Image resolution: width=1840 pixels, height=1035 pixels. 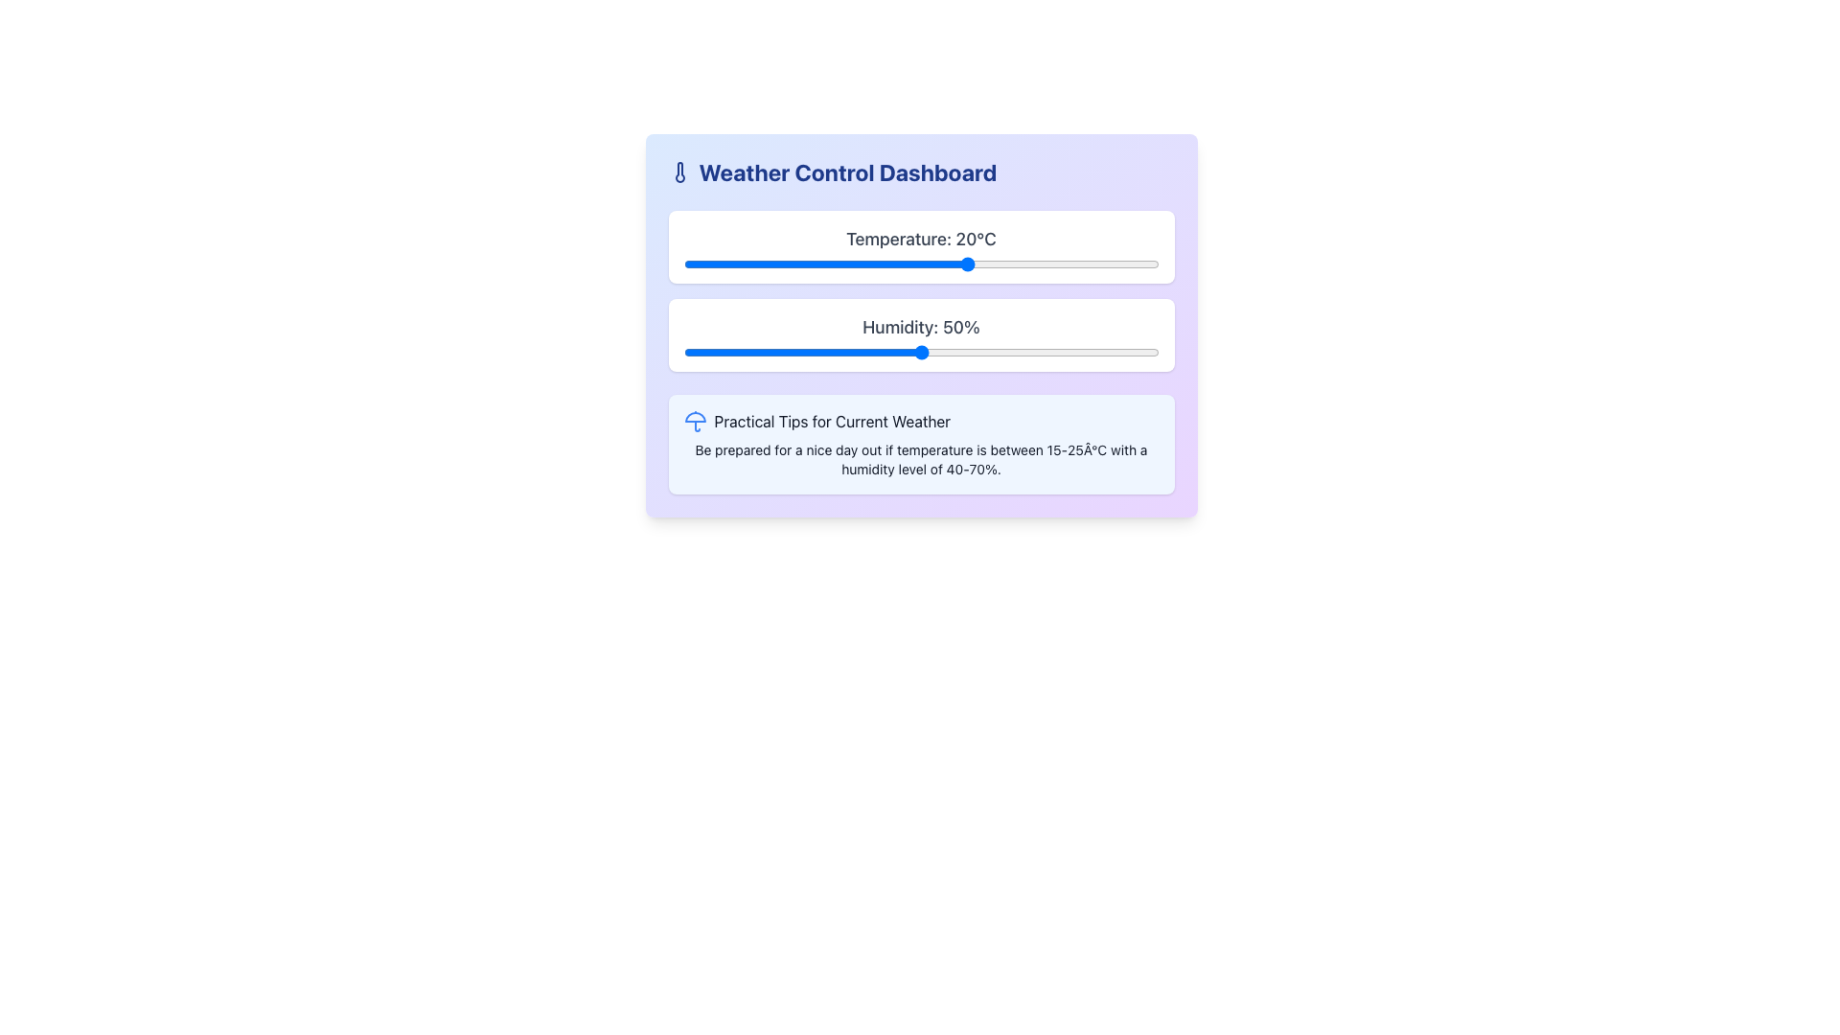 What do you see at coordinates (783, 352) in the screenshot?
I see `the humidity level` at bounding box center [783, 352].